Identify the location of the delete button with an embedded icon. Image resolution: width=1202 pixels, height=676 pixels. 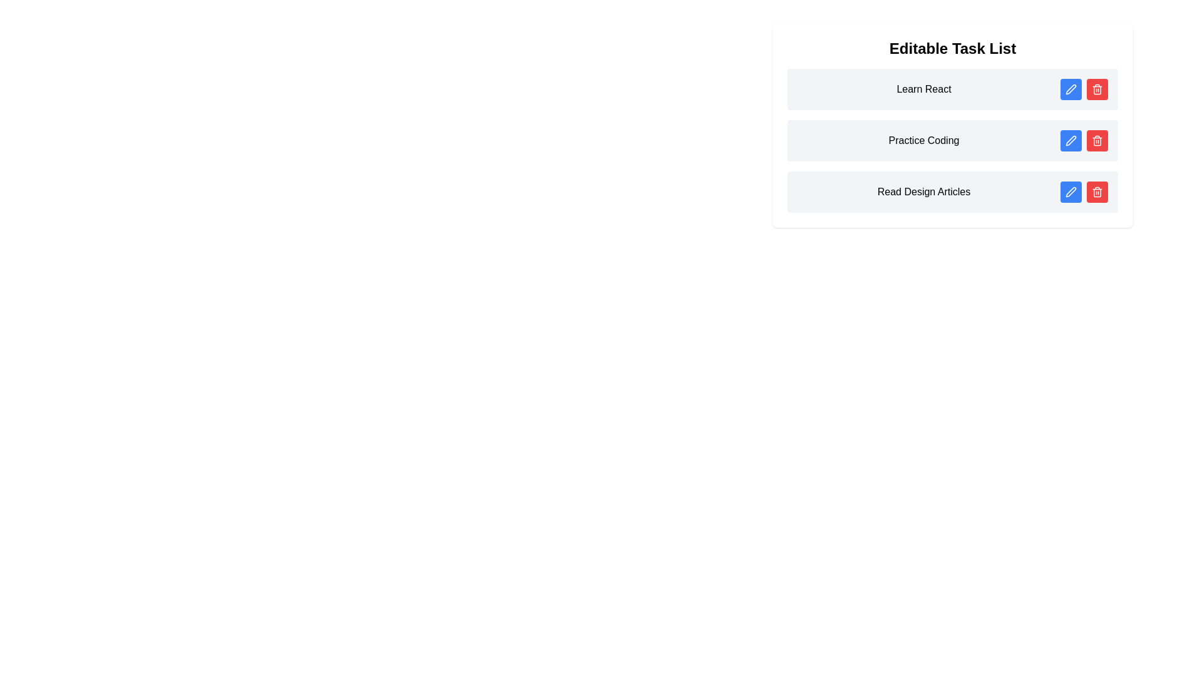
(1096, 140).